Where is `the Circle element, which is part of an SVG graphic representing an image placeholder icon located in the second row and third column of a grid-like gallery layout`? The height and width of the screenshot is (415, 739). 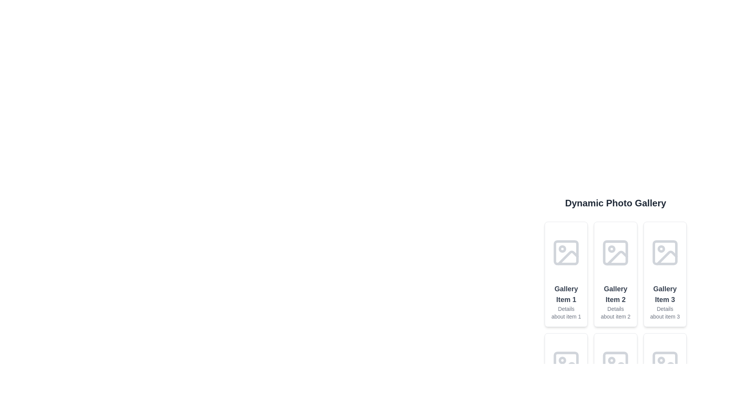 the Circle element, which is part of an SVG graphic representing an image placeholder icon located in the second row and third column of a grid-like gallery layout is located at coordinates (661, 360).